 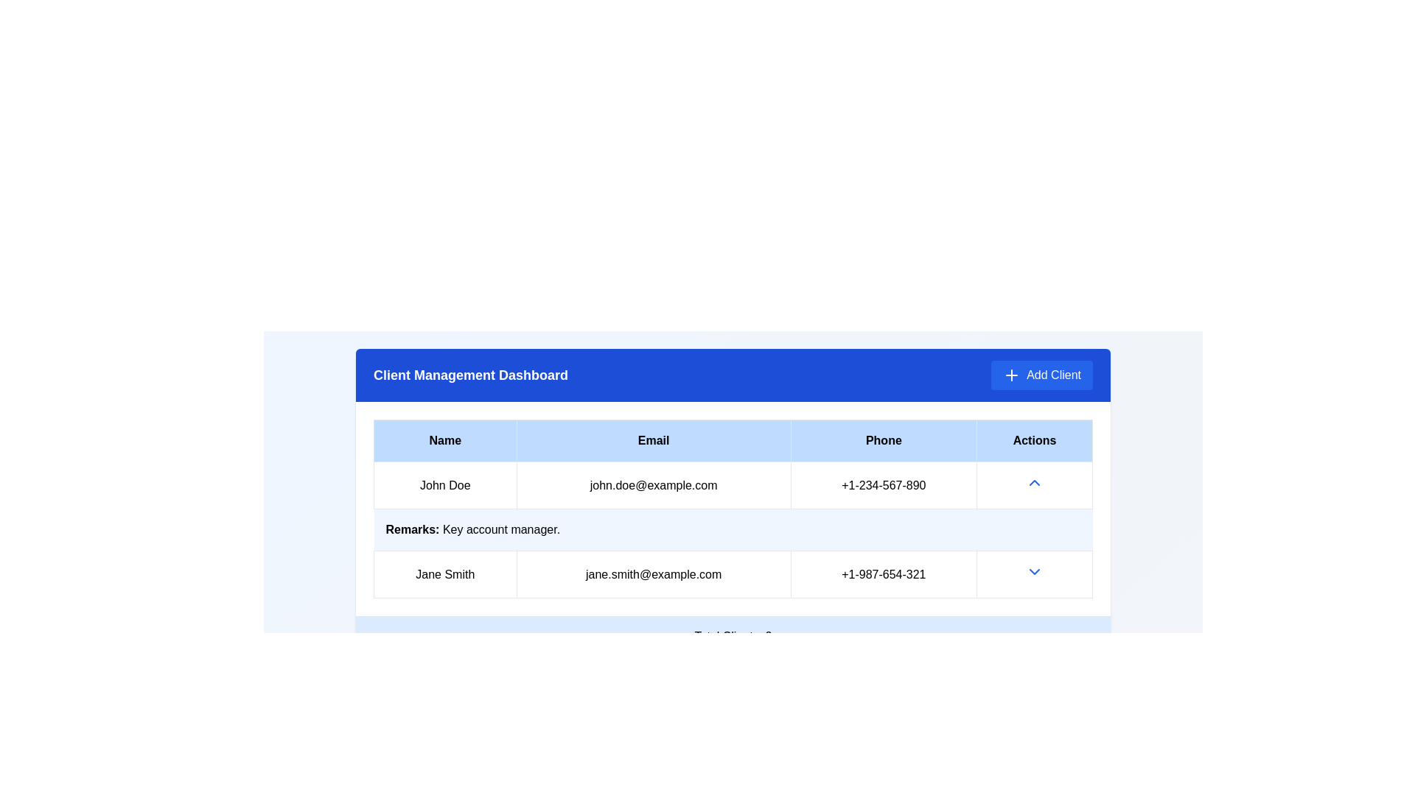 I want to click on text content of the Label displaying 'Jane Smith' in the second row of the table under the 'Name' column, so click(x=444, y=573).